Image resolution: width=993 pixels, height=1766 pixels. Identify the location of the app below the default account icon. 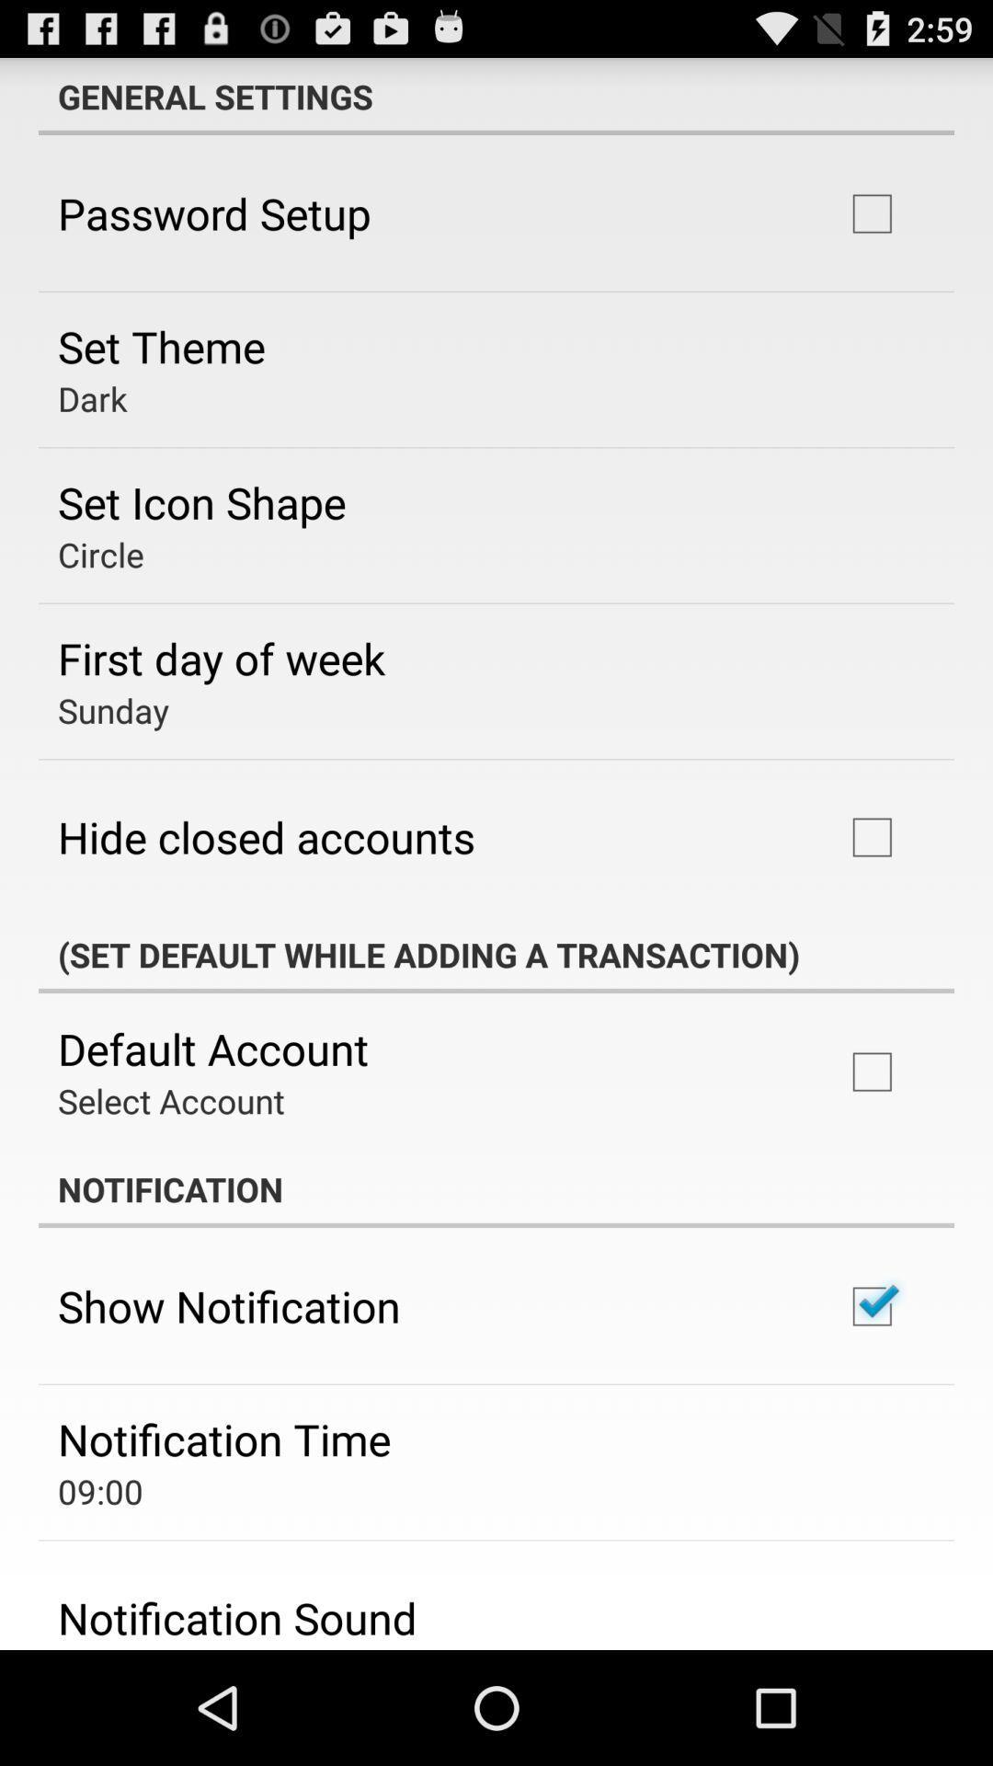
(171, 1100).